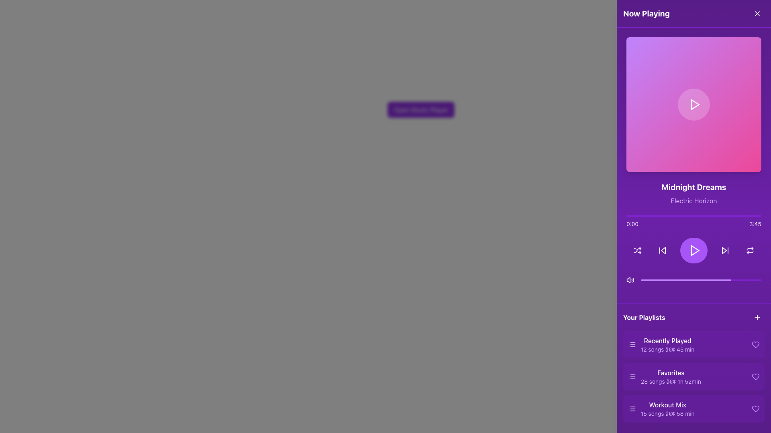 This screenshot has height=433, width=771. I want to click on the heart icon located at the far right of the 'Recently Played' playlist item in the 'Your Playlists' section to indicate liking or favoriting, so click(755, 344).